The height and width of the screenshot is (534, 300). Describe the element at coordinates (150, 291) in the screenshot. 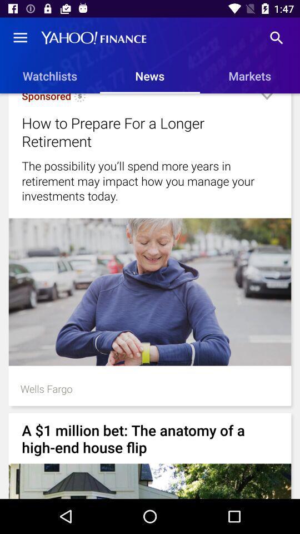

I see `item above the wells fargo item` at that location.